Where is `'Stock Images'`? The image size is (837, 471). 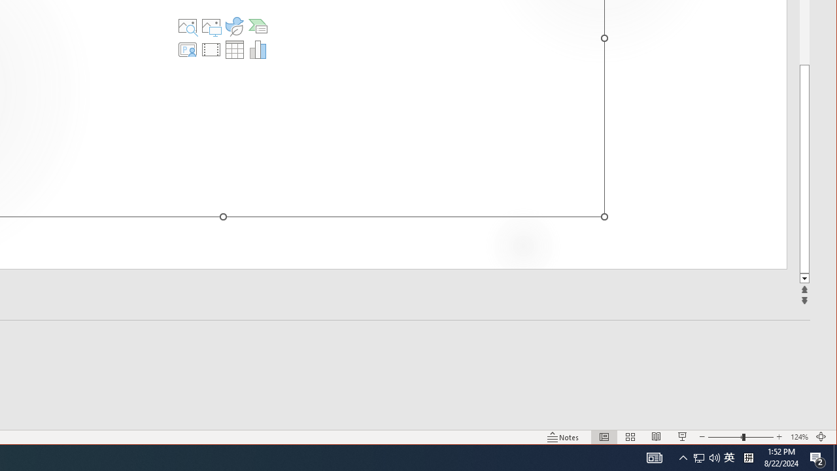
'Stock Images' is located at coordinates (187, 26).